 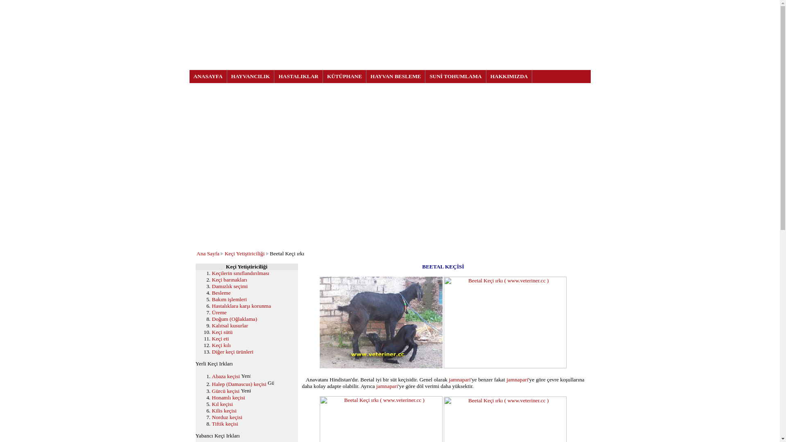 What do you see at coordinates (208, 76) in the screenshot?
I see `'ANASAYFA'` at bounding box center [208, 76].